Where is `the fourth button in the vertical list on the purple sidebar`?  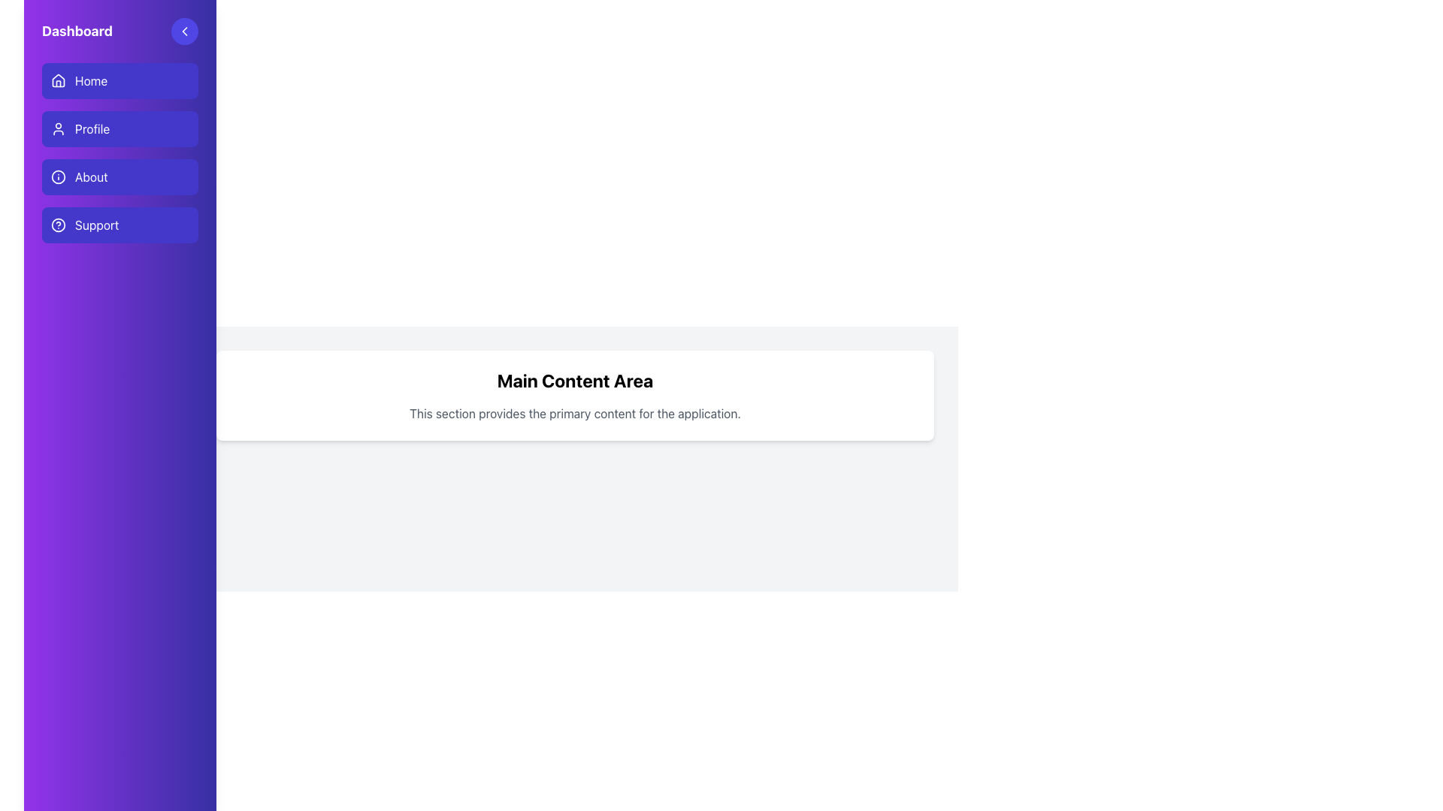 the fourth button in the vertical list on the purple sidebar is located at coordinates (119, 225).